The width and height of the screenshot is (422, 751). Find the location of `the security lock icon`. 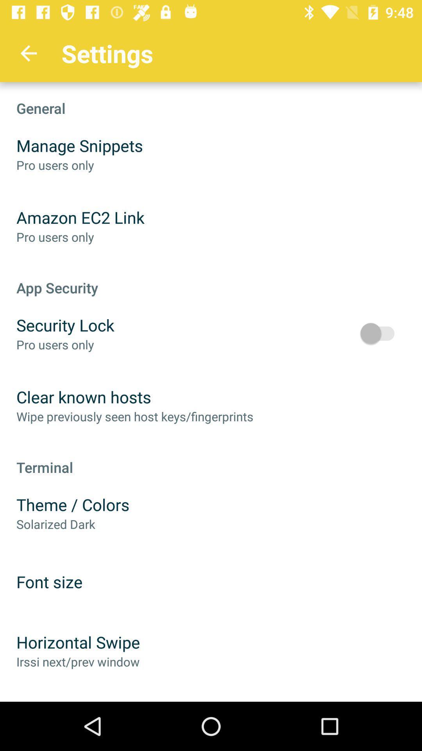

the security lock icon is located at coordinates (65, 325).